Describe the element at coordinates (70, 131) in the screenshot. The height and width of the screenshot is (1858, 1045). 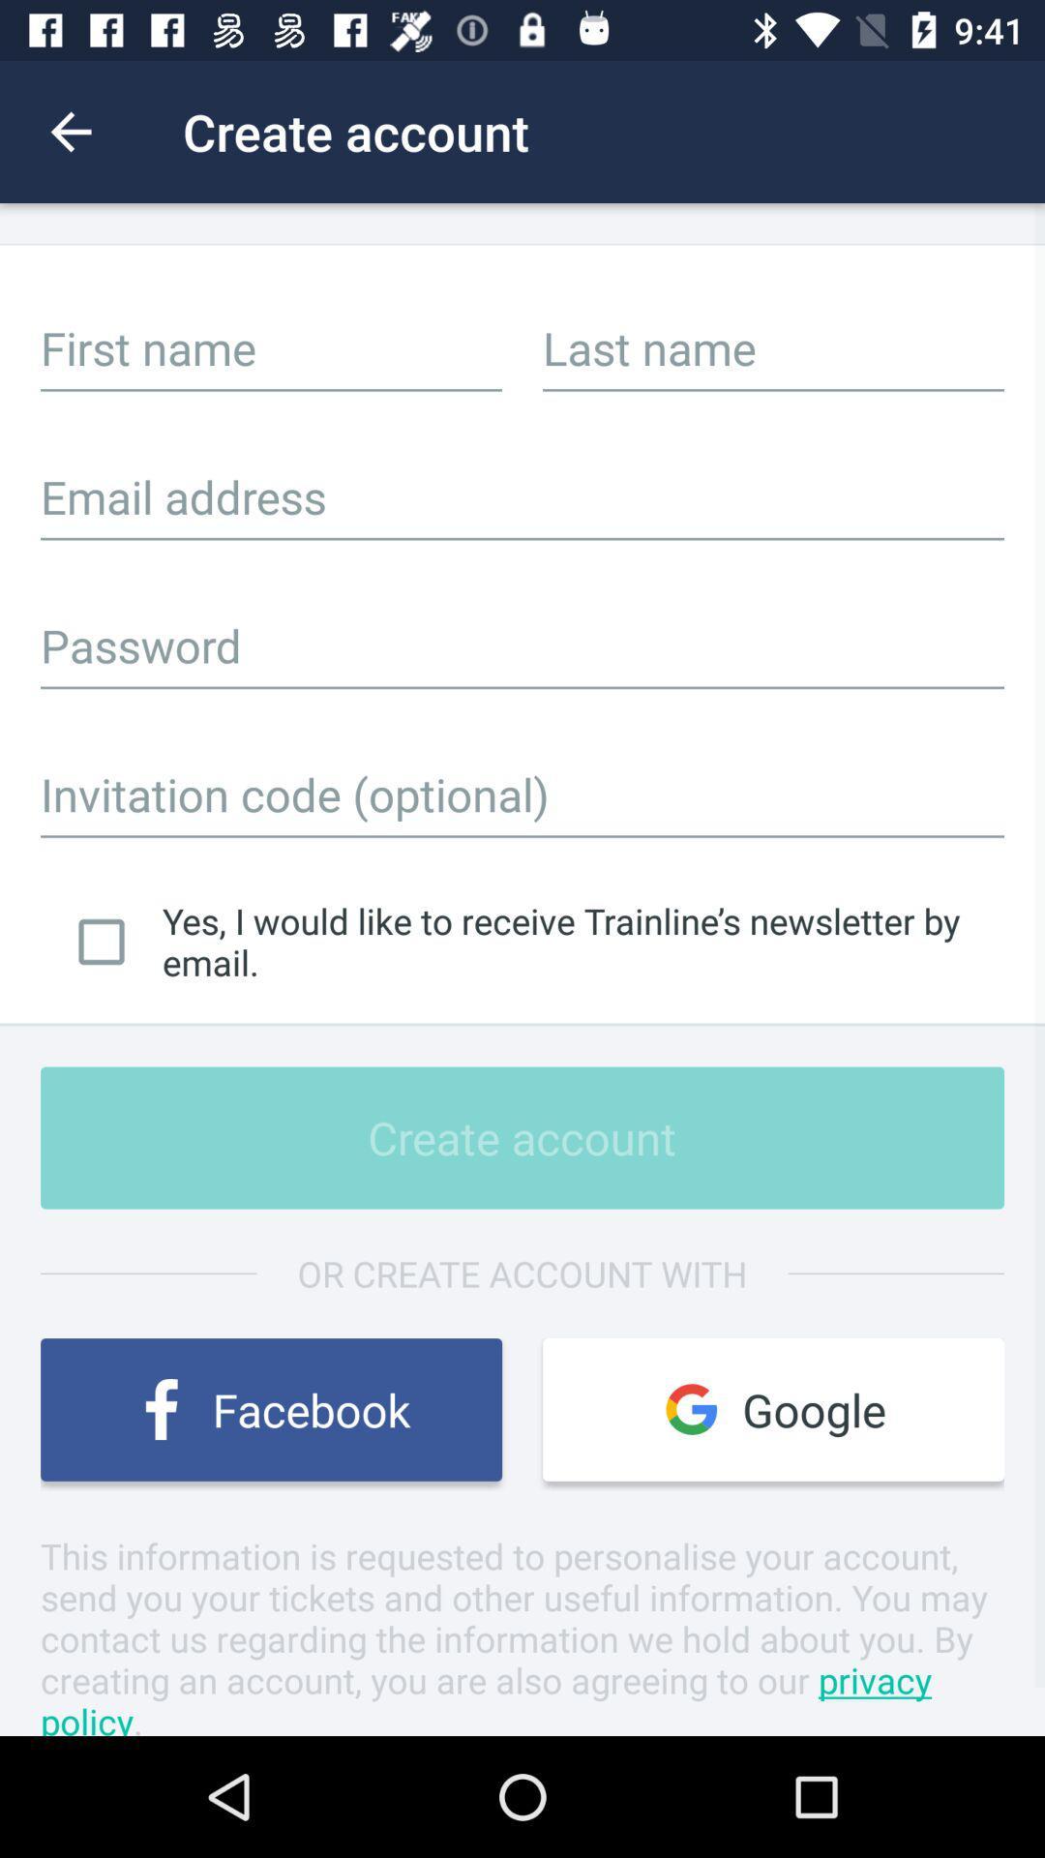
I see `icon next to create account item` at that location.